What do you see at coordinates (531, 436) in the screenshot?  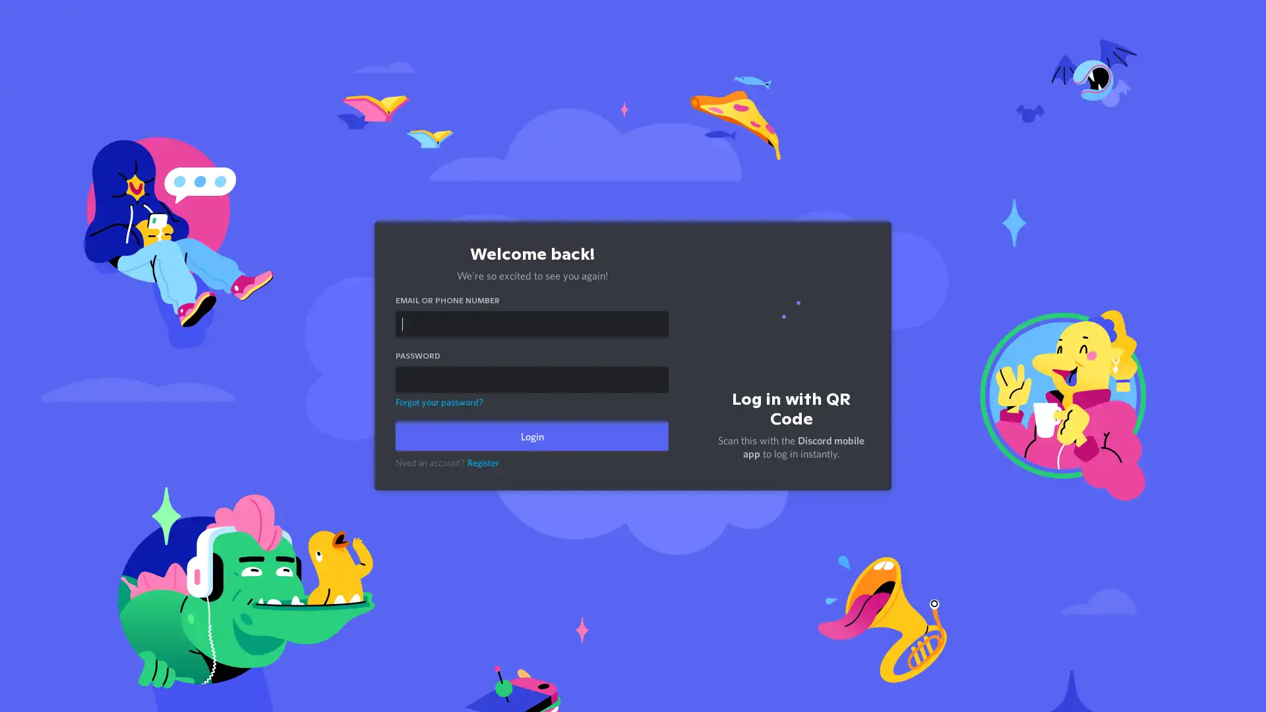 I see `Login` at bounding box center [531, 436].